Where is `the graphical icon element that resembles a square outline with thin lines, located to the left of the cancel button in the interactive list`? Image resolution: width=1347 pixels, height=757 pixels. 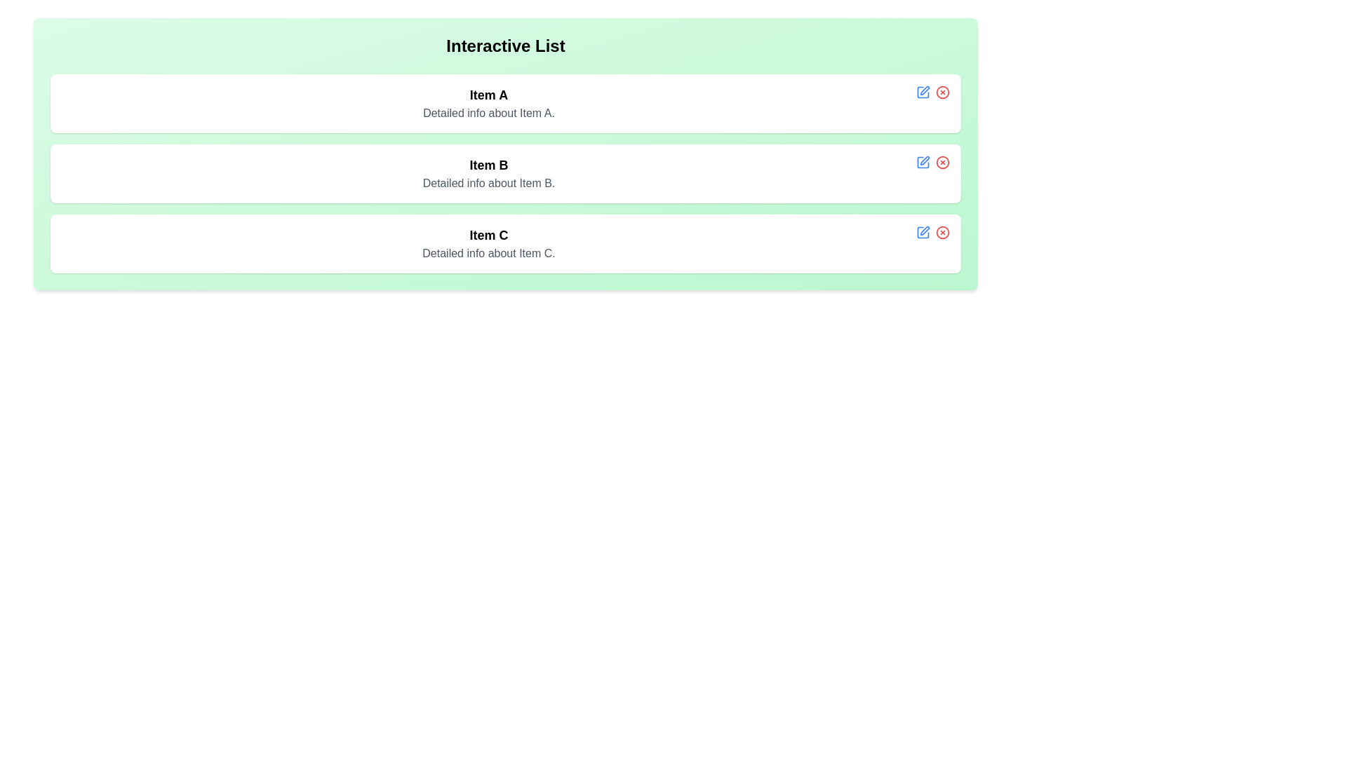 the graphical icon element that resembles a square outline with thin lines, located to the left of the cancel button in the interactive list is located at coordinates (923, 161).